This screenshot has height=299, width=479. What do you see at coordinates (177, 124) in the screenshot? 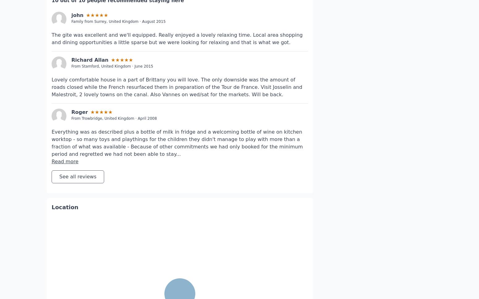
I see `'Everything was as described plus a bottle of milk in fridge and a welcoming bottle of wine on kitchen worktop - so many toys and playthings for the children they didn't manage to play with more than a fraction of what was available - Because of other commitments we had only booked for the minimum period and regretted we had not been able to stay...'` at bounding box center [177, 124].